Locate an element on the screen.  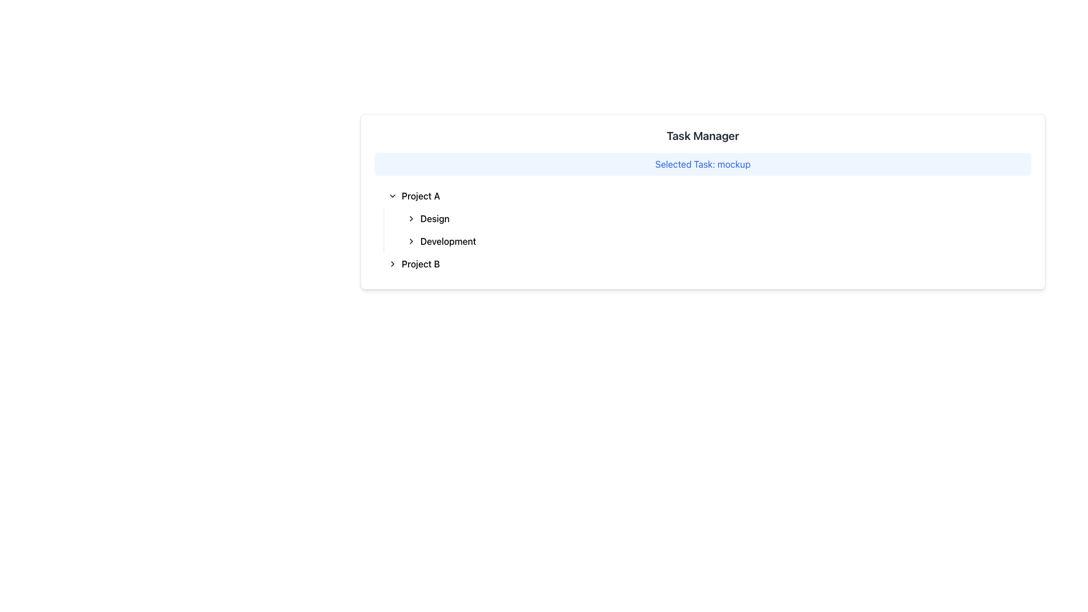
the chevron icon located to the left of the 'Design' text is located at coordinates (410, 218).